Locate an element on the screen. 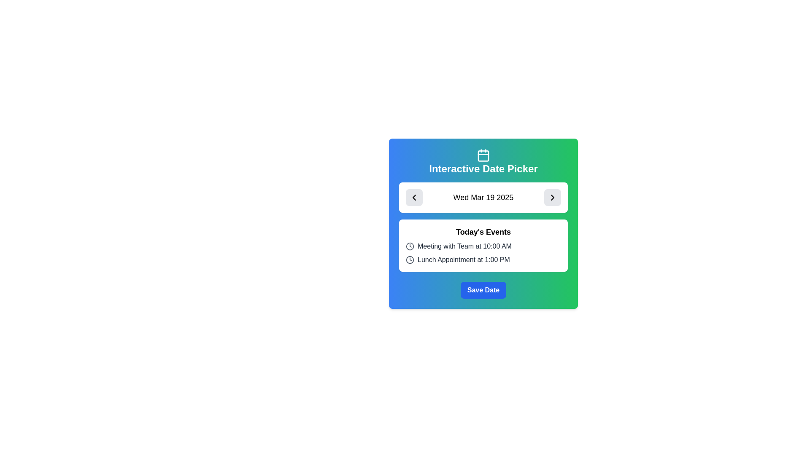  the text 'Lunch Appointment at 1:00 PM' is located at coordinates (463, 260).